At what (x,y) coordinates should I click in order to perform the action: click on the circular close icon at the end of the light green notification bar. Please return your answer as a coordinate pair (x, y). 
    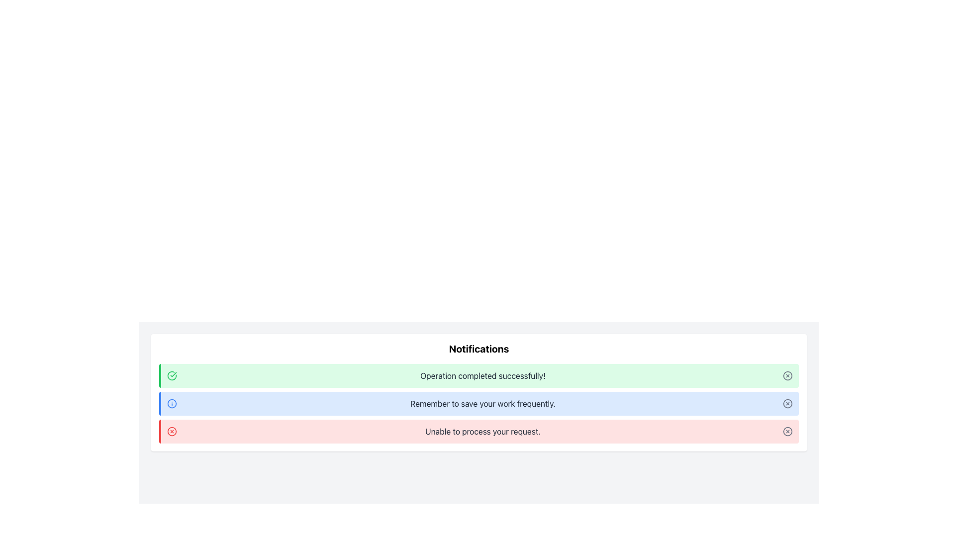
    Looking at the image, I should click on (787, 376).